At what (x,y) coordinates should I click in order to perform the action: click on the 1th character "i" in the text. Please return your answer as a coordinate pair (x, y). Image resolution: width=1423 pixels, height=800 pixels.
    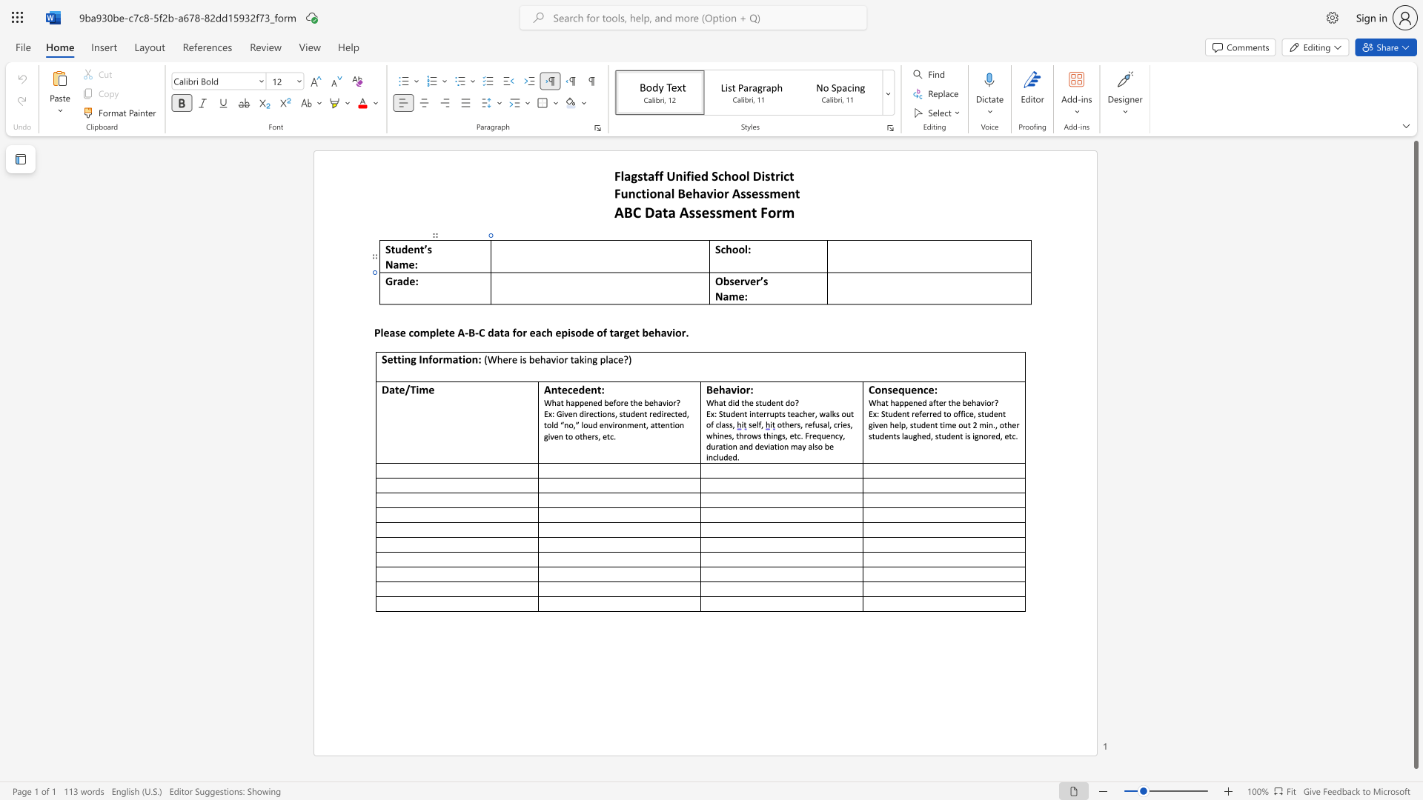
    Looking at the image, I should click on (402, 359).